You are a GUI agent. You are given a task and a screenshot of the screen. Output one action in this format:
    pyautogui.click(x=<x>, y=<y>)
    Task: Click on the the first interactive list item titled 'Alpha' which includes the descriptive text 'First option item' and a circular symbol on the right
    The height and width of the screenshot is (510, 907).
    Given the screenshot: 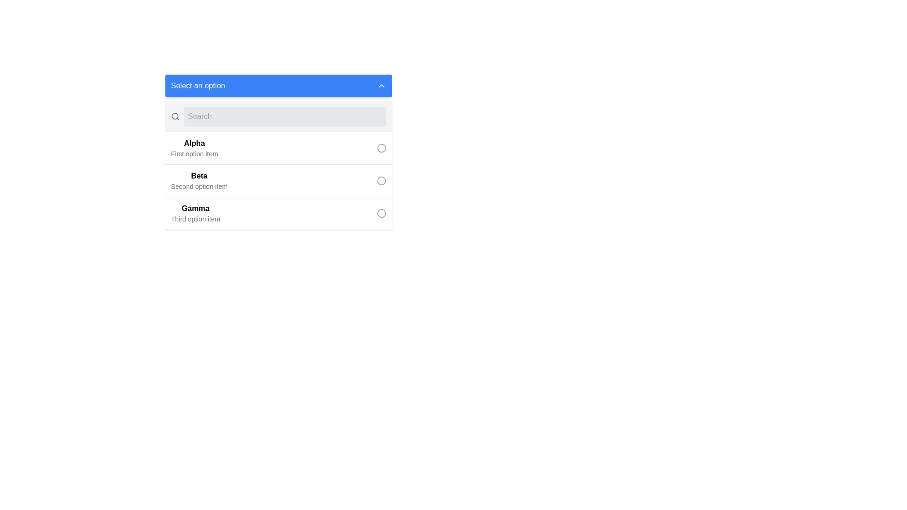 What is the action you would take?
    pyautogui.click(x=278, y=152)
    